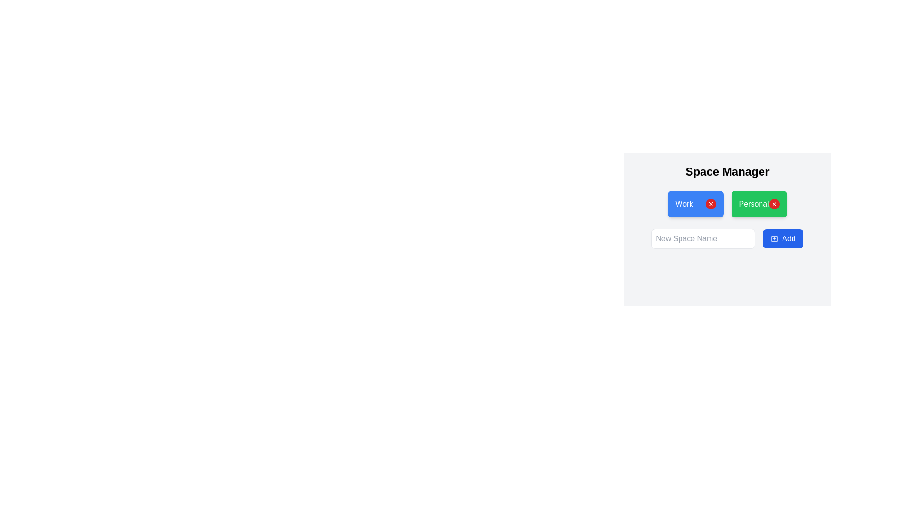 The height and width of the screenshot is (514, 915). What do you see at coordinates (683, 203) in the screenshot?
I see `the 'Work' text within the blue pill-shaped button on the left side of the top row in the 'Space Manager' interface` at bounding box center [683, 203].